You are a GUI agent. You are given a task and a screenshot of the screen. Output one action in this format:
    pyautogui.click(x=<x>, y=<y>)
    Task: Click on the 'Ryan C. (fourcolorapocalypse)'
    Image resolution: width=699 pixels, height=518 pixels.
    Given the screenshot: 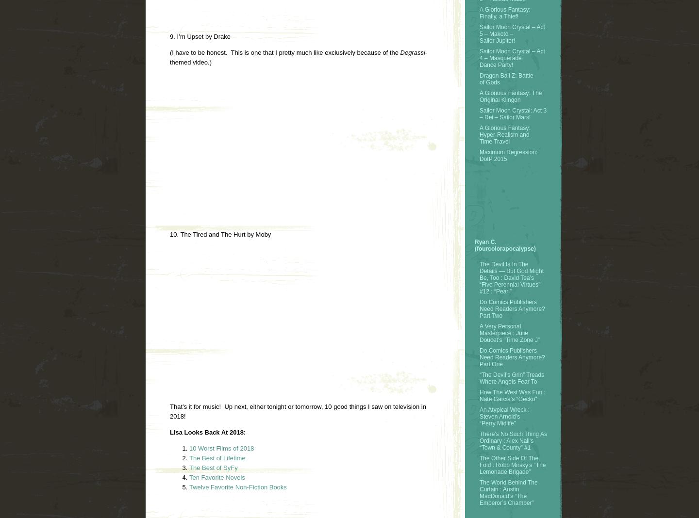 What is the action you would take?
    pyautogui.click(x=474, y=244)
    